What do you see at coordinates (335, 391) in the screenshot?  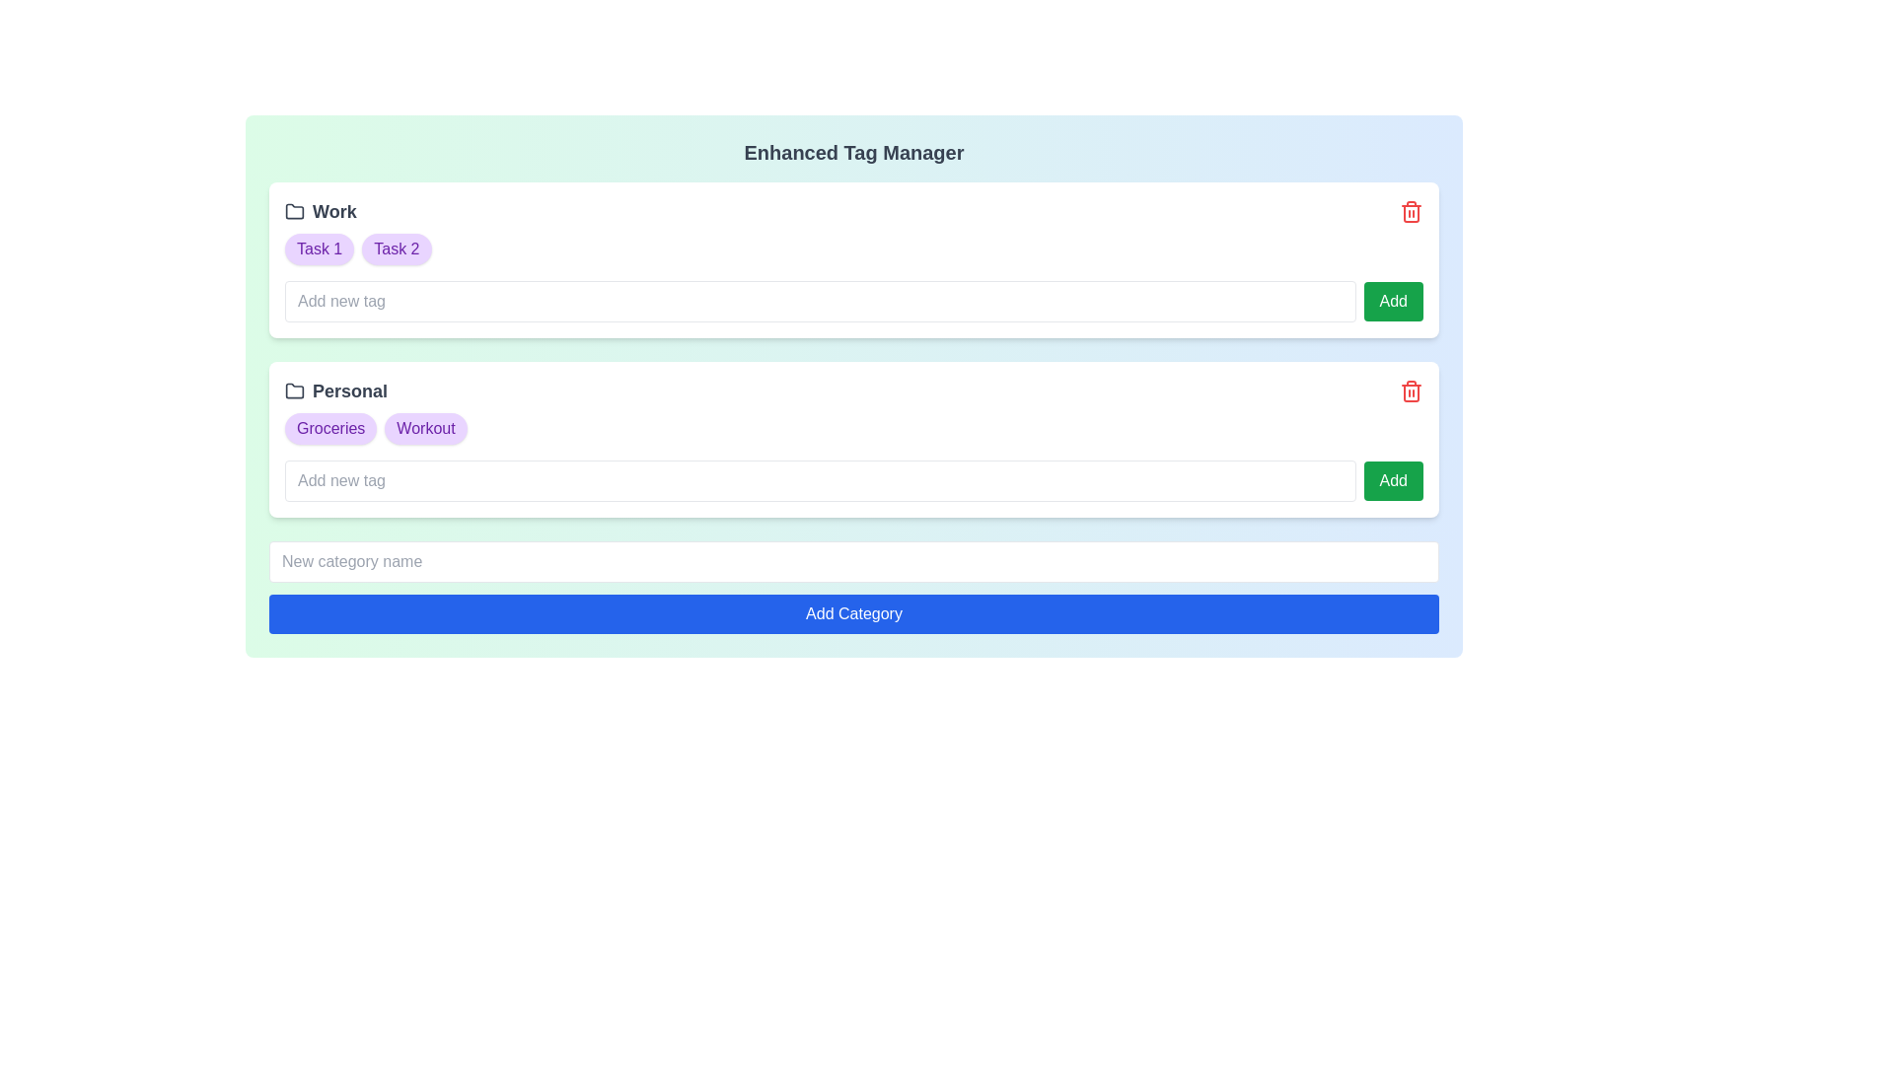 I see `the 'Personal' category header text label with an accompanying icon` at bounding box center [335, 391].